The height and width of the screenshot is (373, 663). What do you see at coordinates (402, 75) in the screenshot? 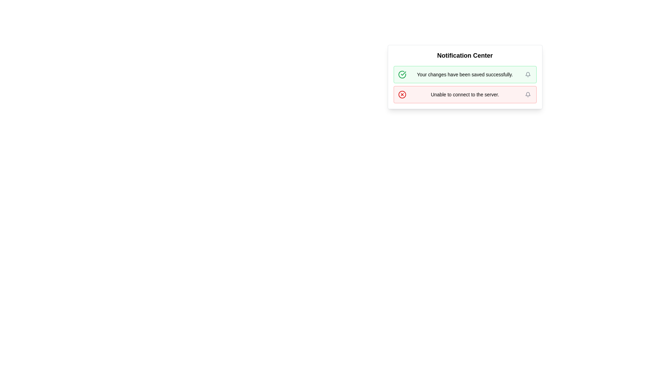
I see `the presence of the decorative success icon located at the left side of the notification message indicating the successful save operation` at bounding box center [402, 75].